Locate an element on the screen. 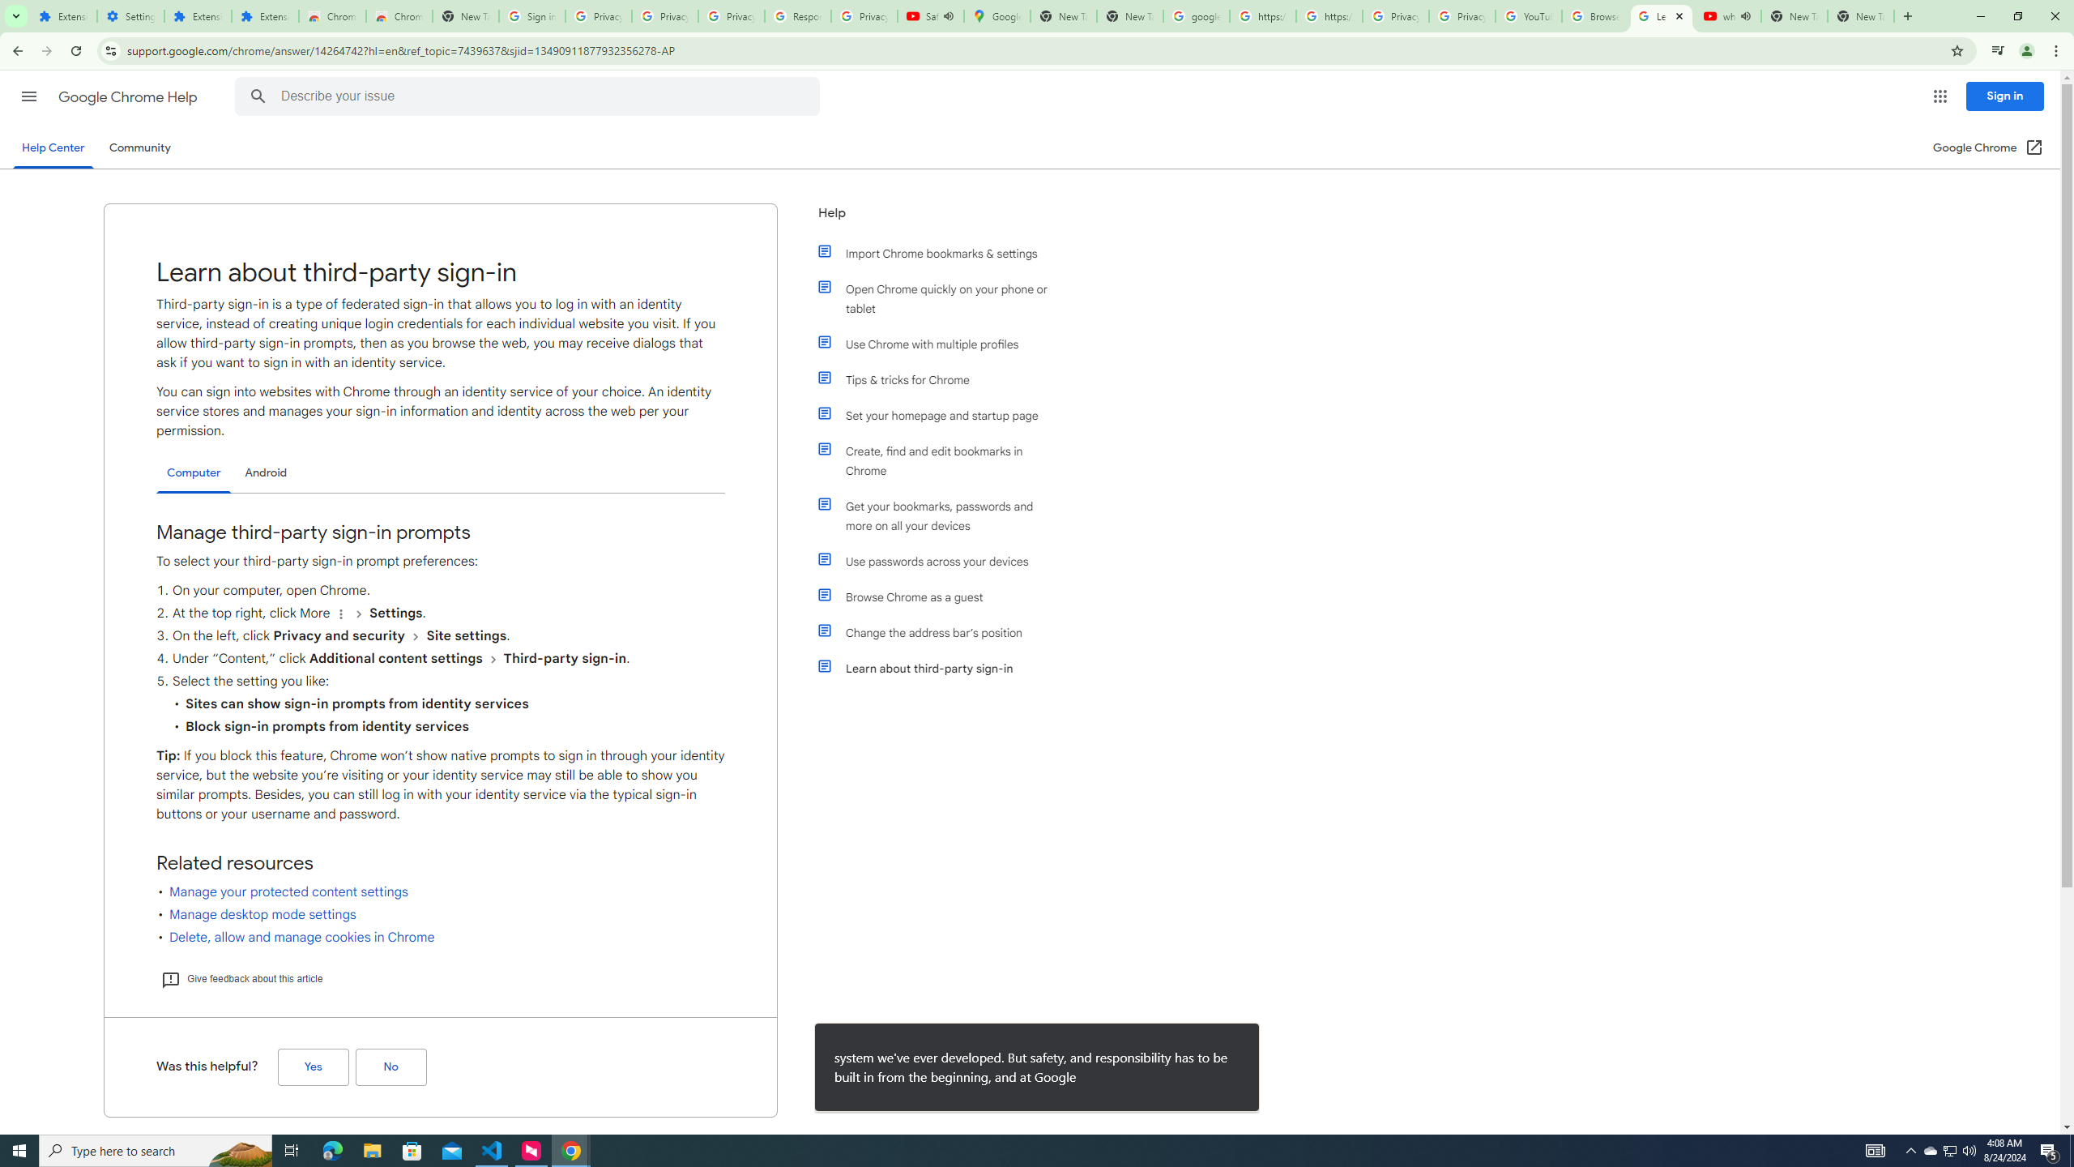  'Browse Chrome as a guest' is located at coordinates (941, 596).